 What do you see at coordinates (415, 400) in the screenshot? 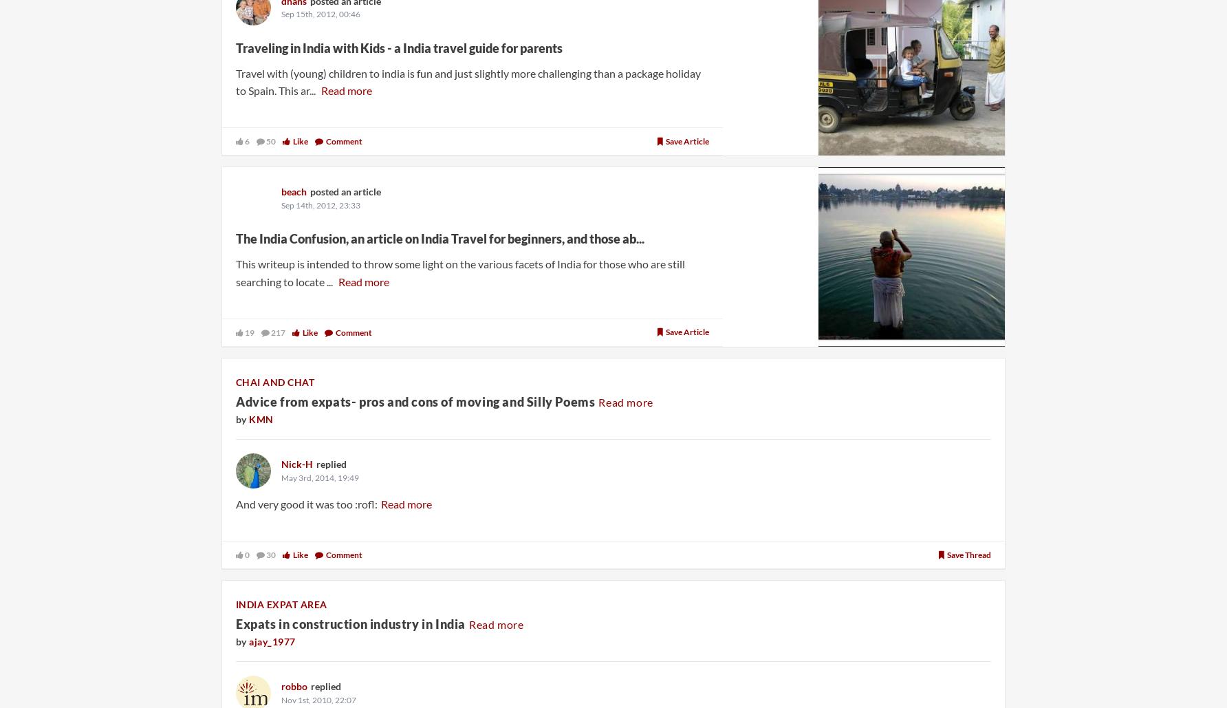
I see `'Advice from expats- pros and cons of moving and Silly Poems'` at bounding box center [415, 400].